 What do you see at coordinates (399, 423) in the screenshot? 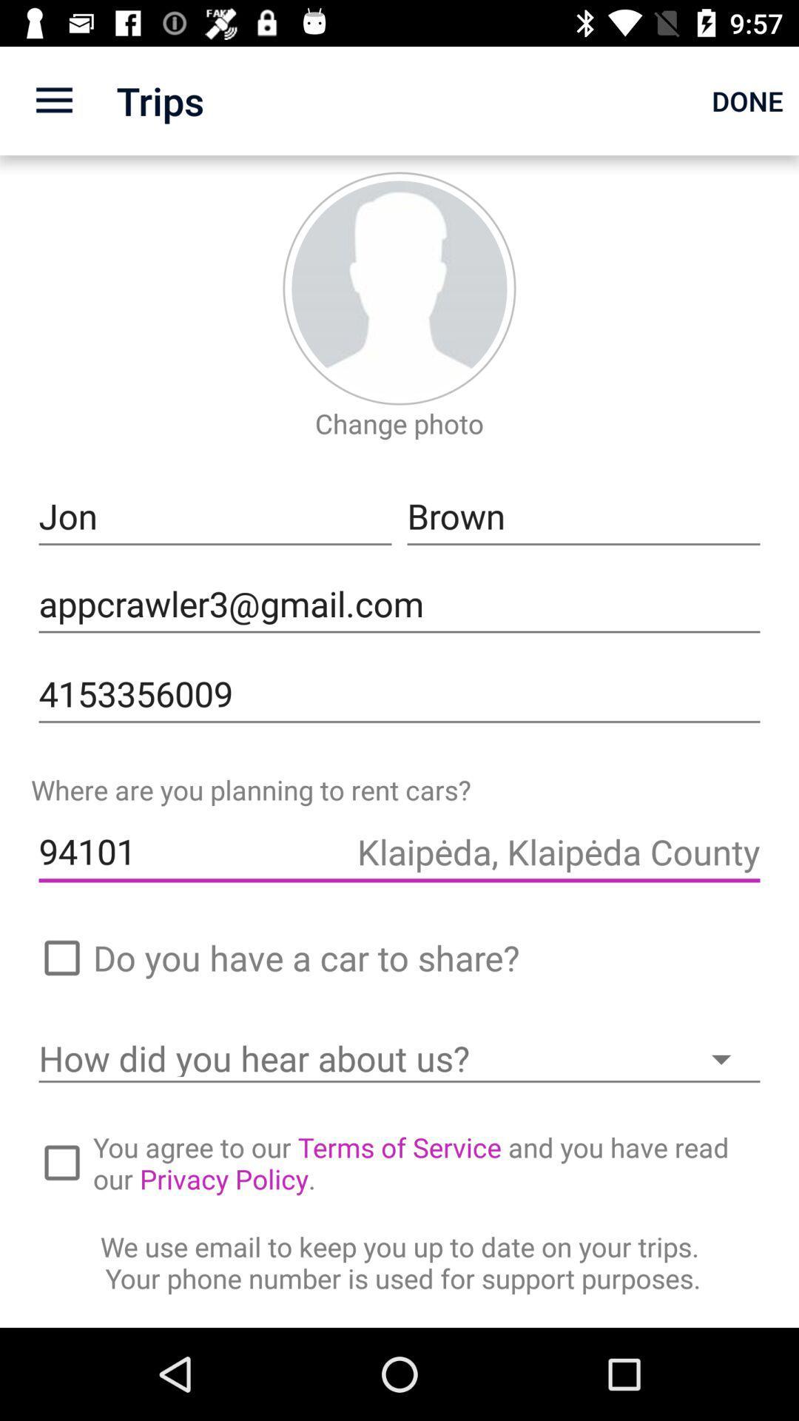
I see `the icon above the jon icon` at bounding box center [399, 423].